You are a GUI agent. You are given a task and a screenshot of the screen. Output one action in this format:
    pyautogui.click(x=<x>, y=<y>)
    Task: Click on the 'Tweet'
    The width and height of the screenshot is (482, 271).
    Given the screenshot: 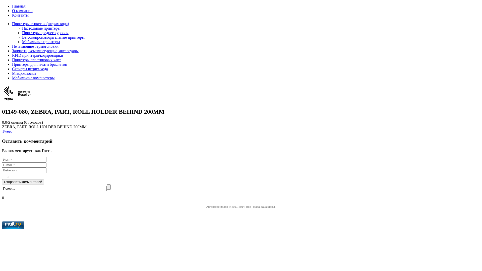 What is the action you would take?
    pyautogui.click(x=7, y=131)
    